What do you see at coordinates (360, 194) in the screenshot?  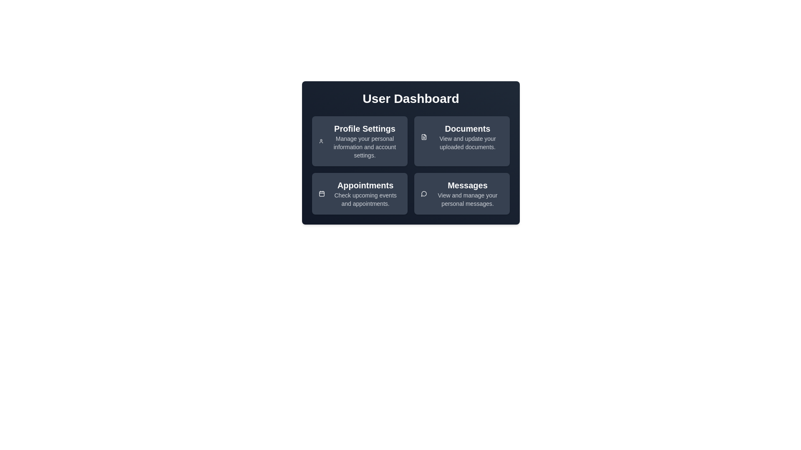 I see `the card titled 'Appointments'` at bounding box center [360, 194].